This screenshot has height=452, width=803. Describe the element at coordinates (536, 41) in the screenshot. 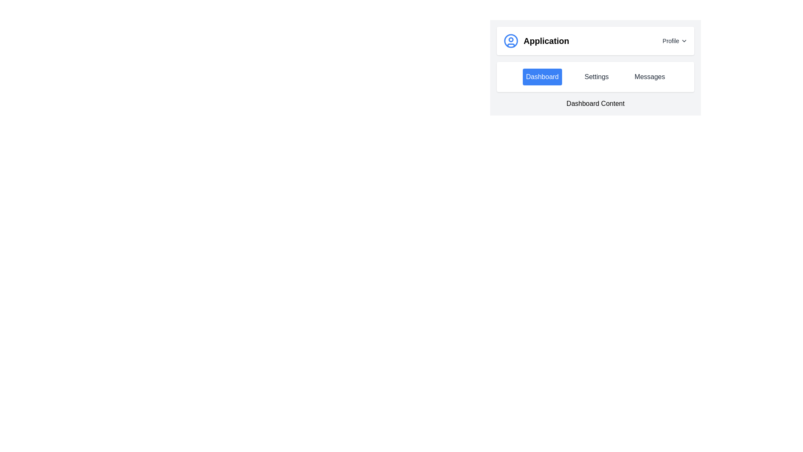

I see `the Label element displaying a blue user icon next to the bolded word 'Application' in large, black font, located at the top-left corner of the header section` at that location.